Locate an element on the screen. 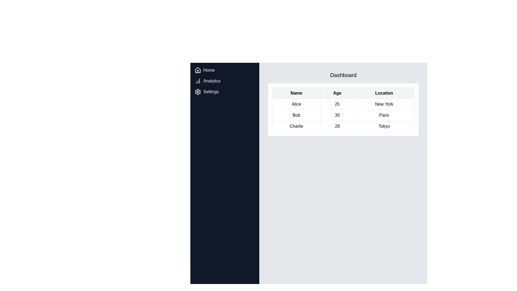 This screenshot has width=517, height=291. label of the 'Age' column header cell, which is the second cell in the table header row, positioned between the 'Name' and 'Location' cells is located at coordinates (337, 93).